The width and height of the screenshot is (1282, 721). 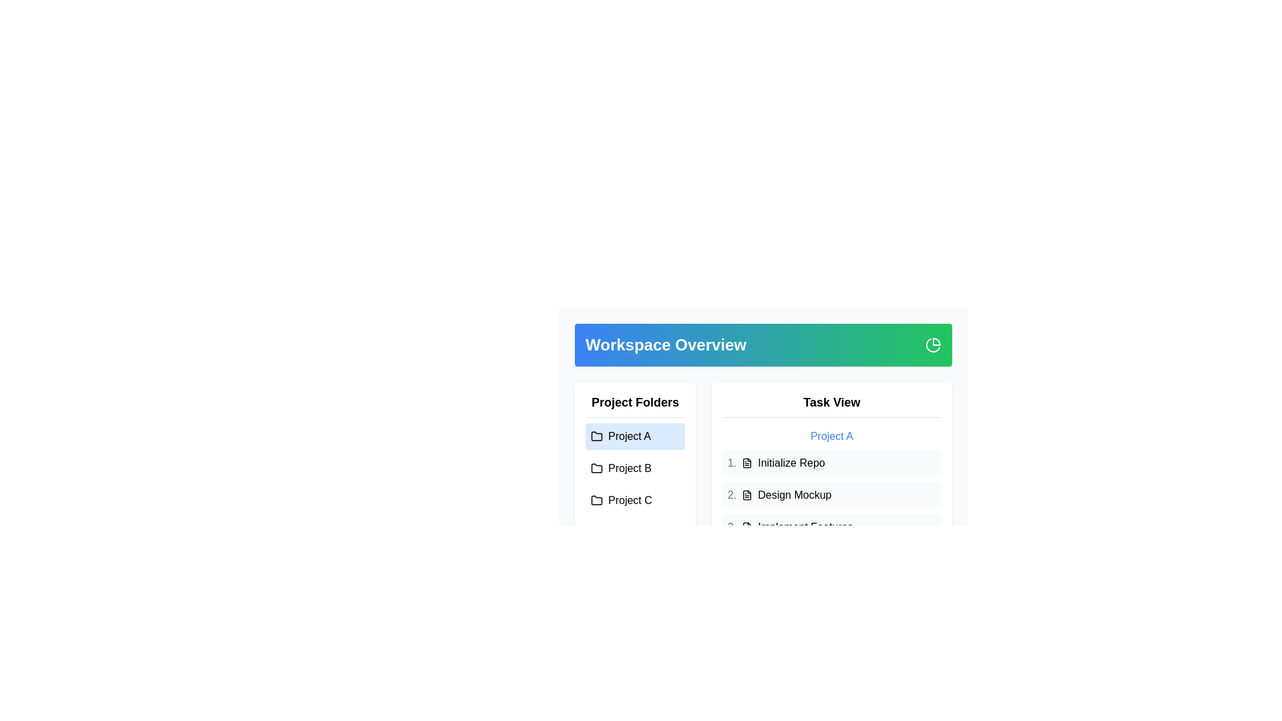 I want to click on the small document icon located to the left of the 'Initialize Repo' text in the 'Task View' section, so click(x=746, y=463).